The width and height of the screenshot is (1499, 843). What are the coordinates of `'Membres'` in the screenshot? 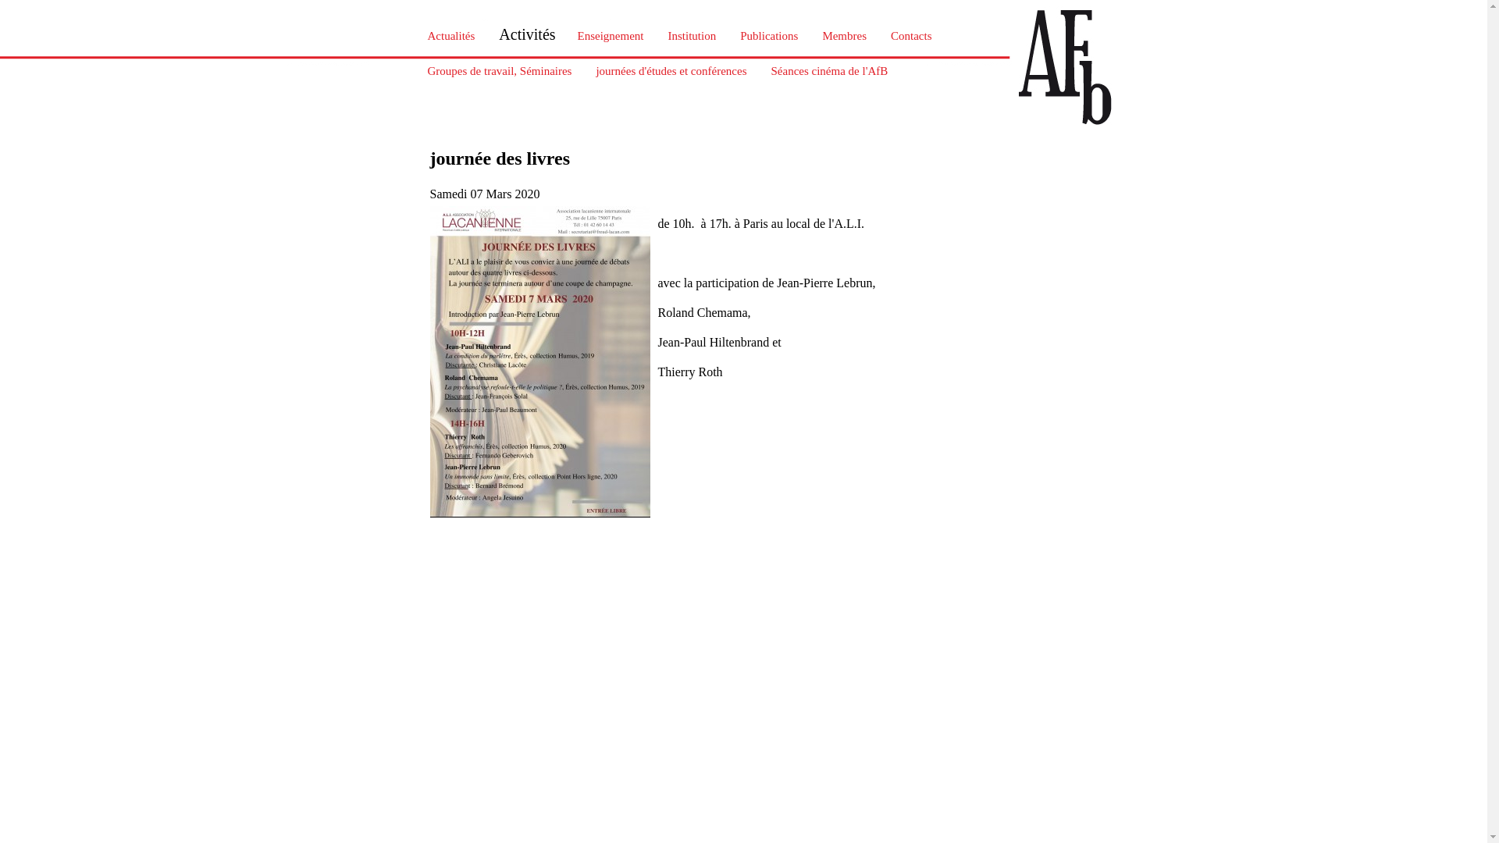 It's located at (821, 35).